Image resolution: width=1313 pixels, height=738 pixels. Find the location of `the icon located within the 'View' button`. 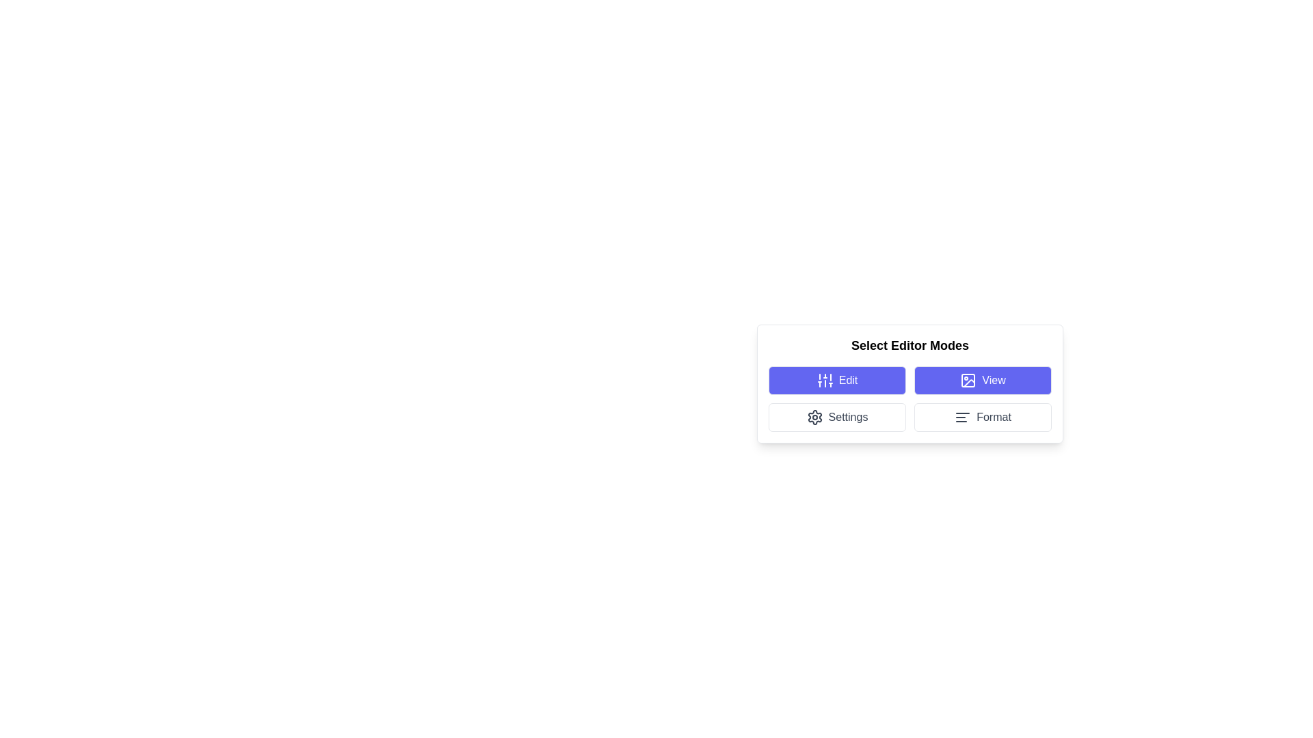

the icon located within the 'View' button is located at coordinates (968, 380).